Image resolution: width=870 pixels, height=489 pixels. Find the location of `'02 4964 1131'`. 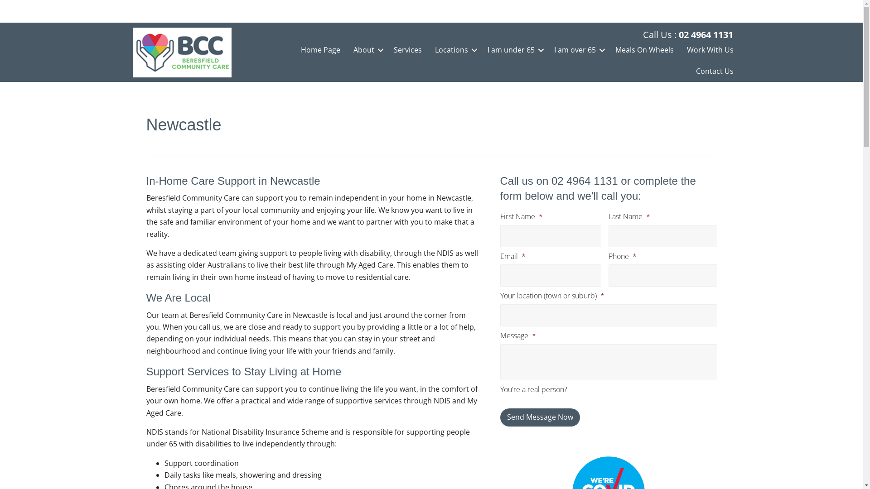

'02 4964 1131' is located at coordinates (706, 34).